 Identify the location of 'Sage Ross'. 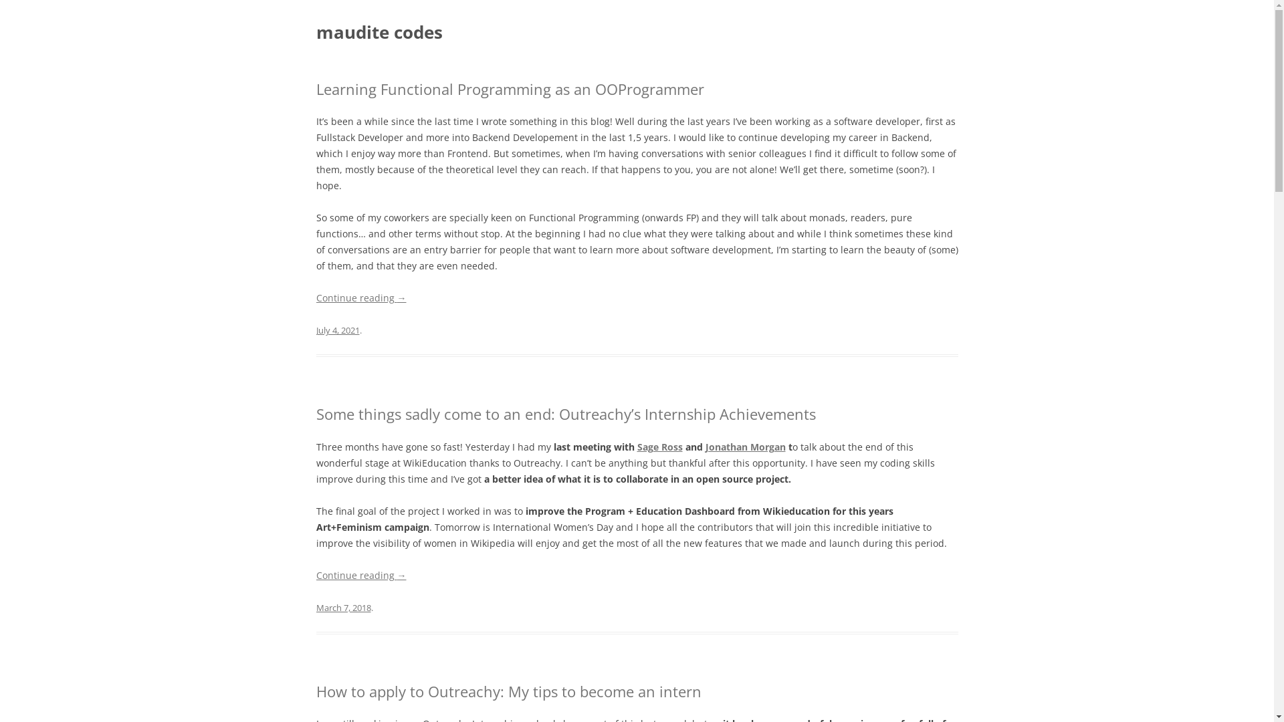
(659, 447).